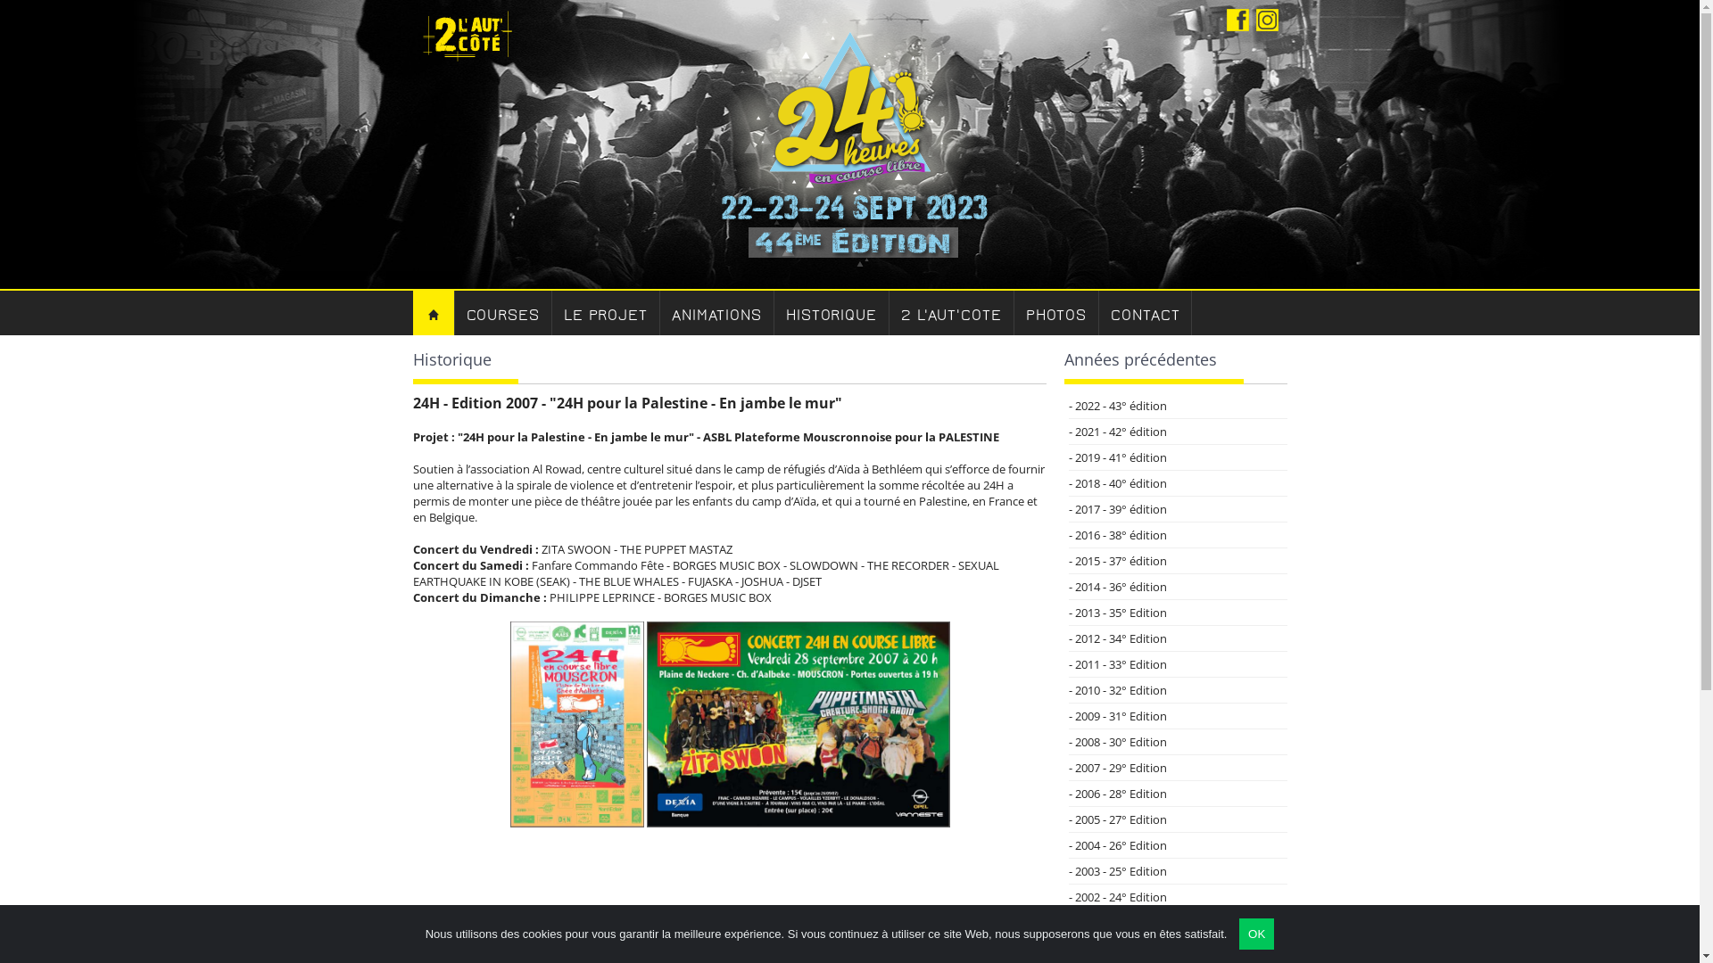 The width and height of the screenshot is (1713, 963). What do you see at coordinates (502, 312) in the screenshot?
I see `'COURSES'` at bounding box center [502, 312].